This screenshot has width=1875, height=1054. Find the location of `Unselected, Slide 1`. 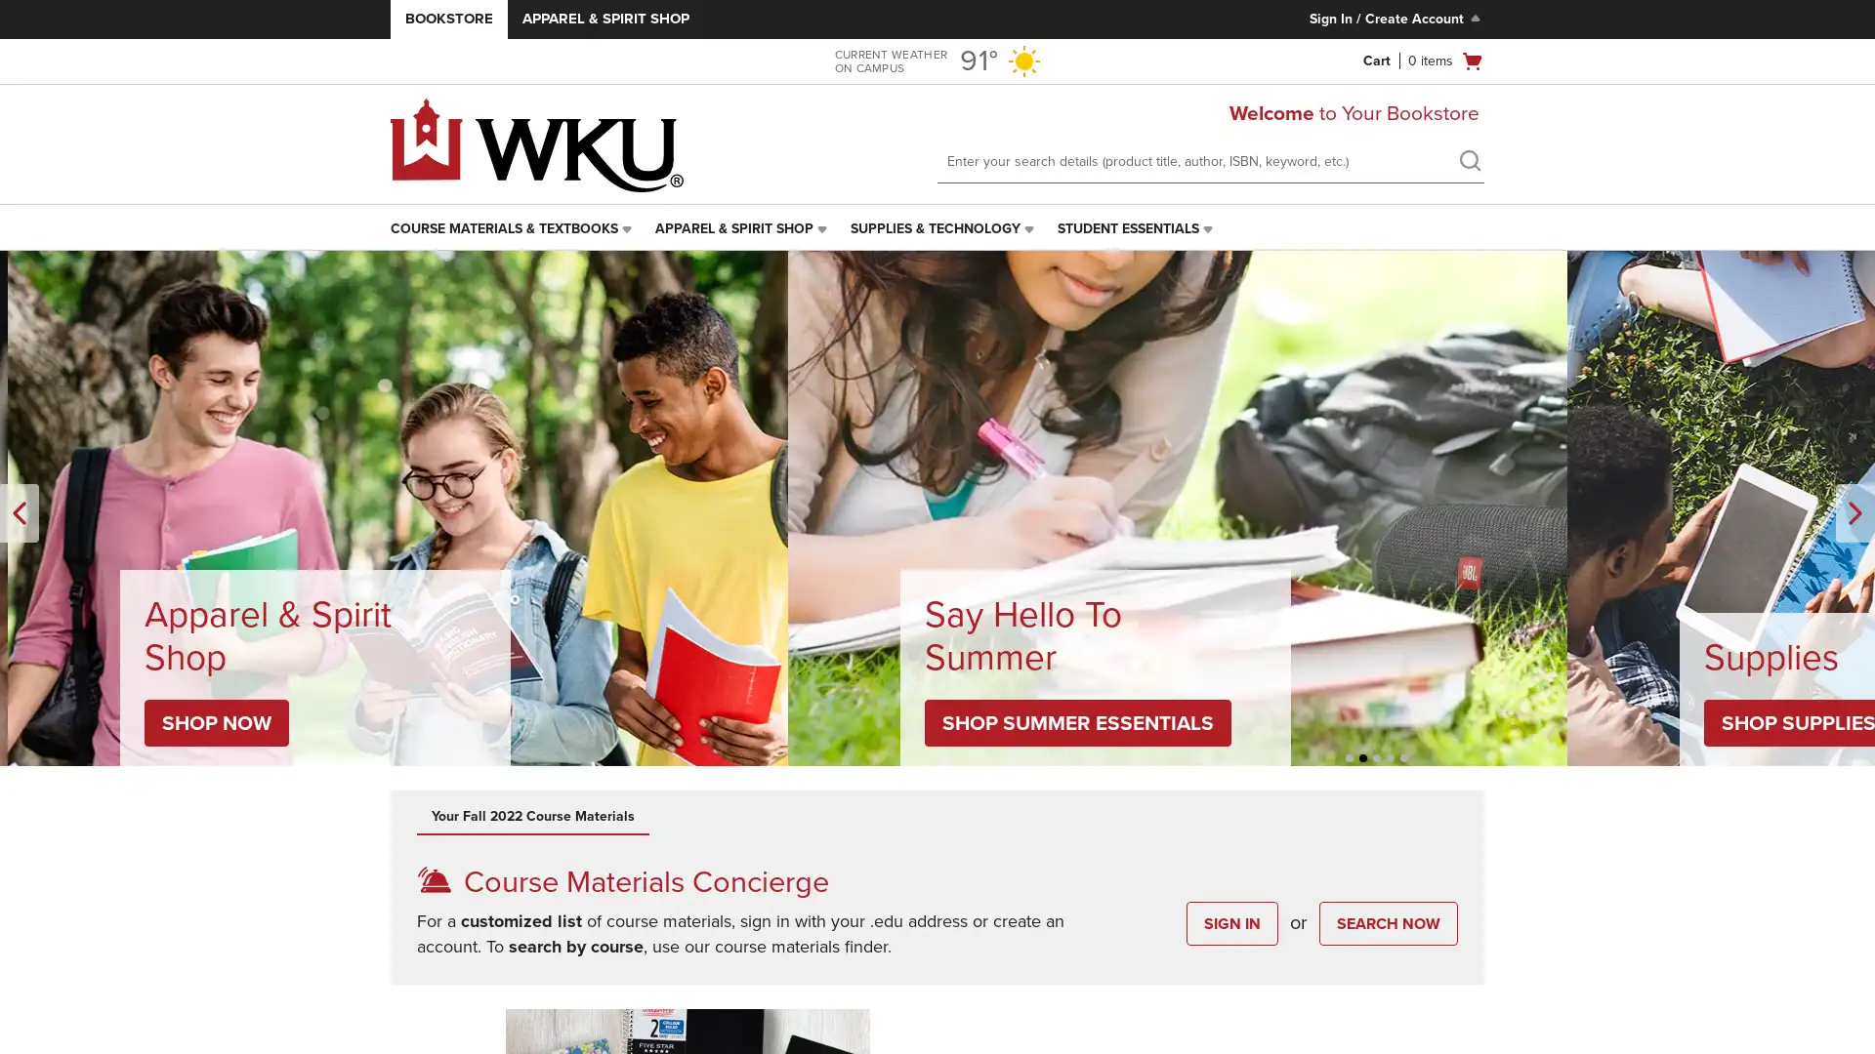

Unselected, Slide 1 is located at coordinates (1349, 756).